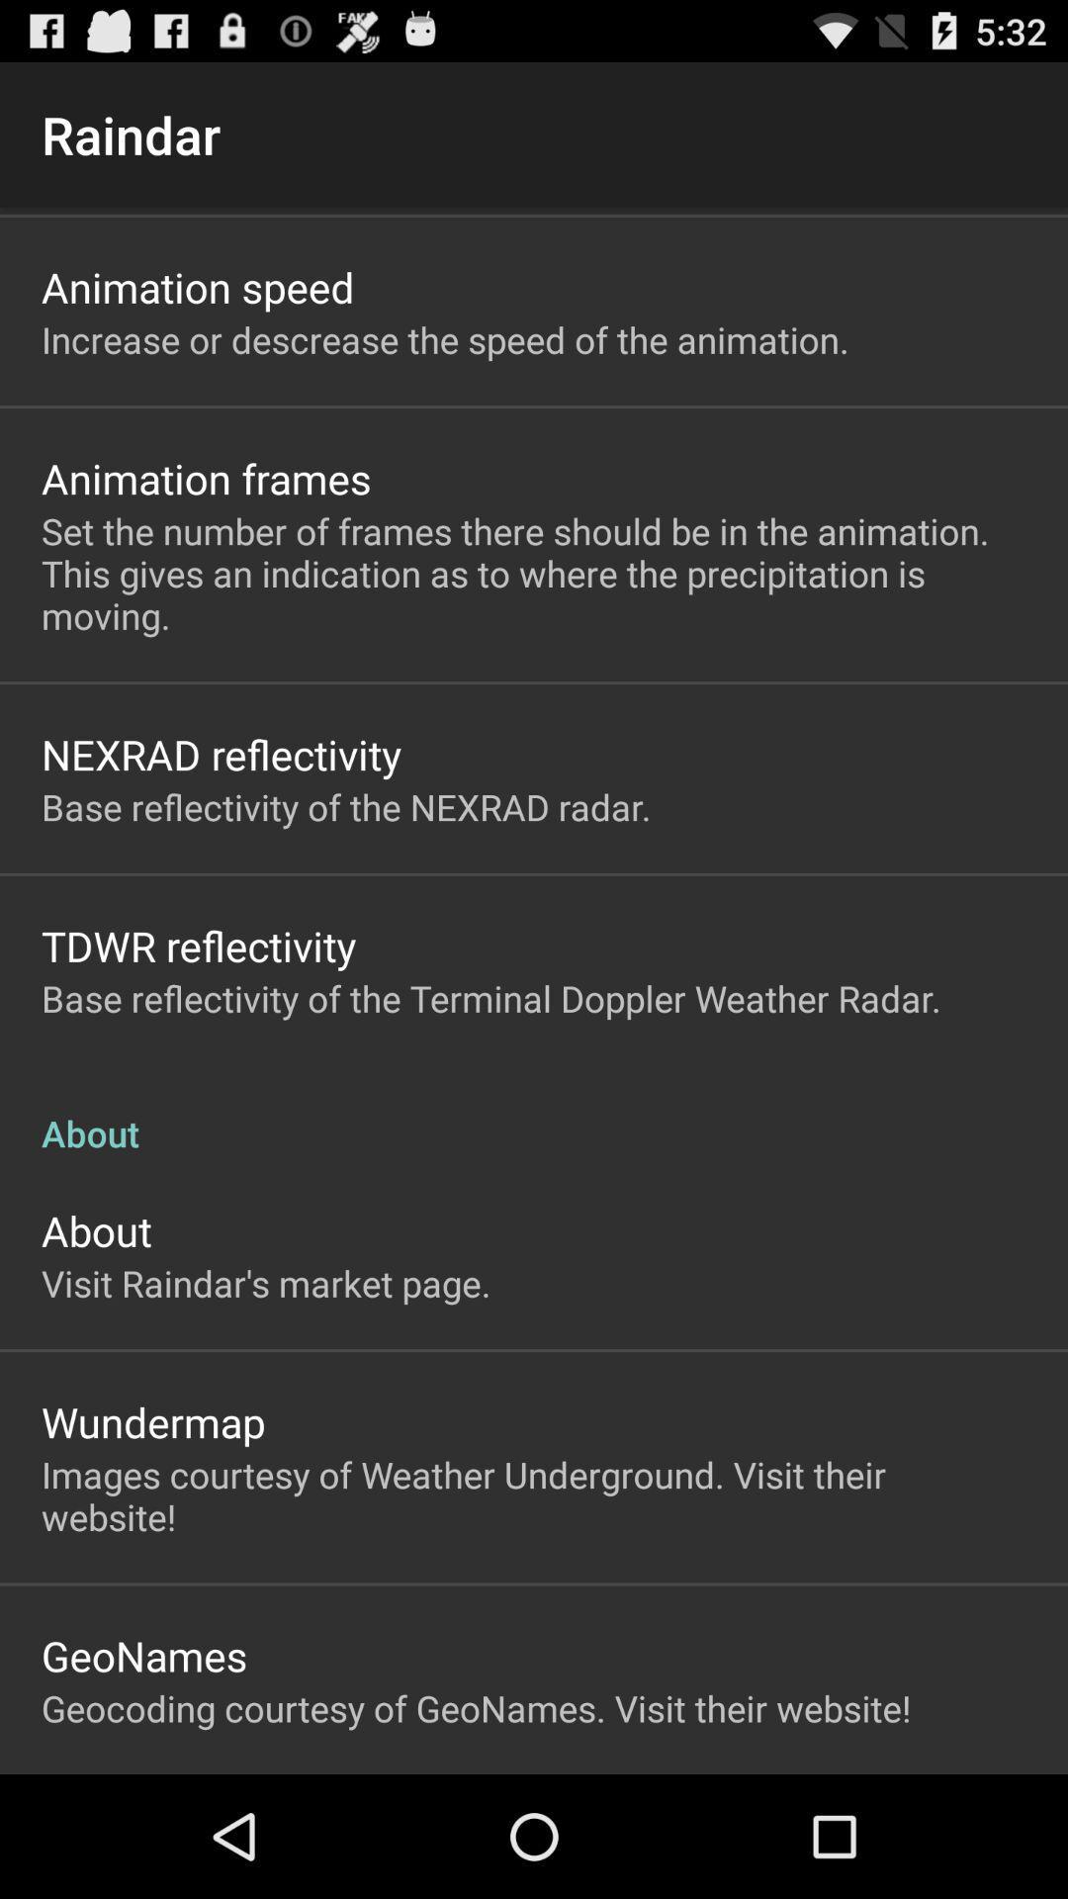 This screenshot has width=1068, height=1899. I want to click on geocoding courtesy of icon, so click(476, 1707).